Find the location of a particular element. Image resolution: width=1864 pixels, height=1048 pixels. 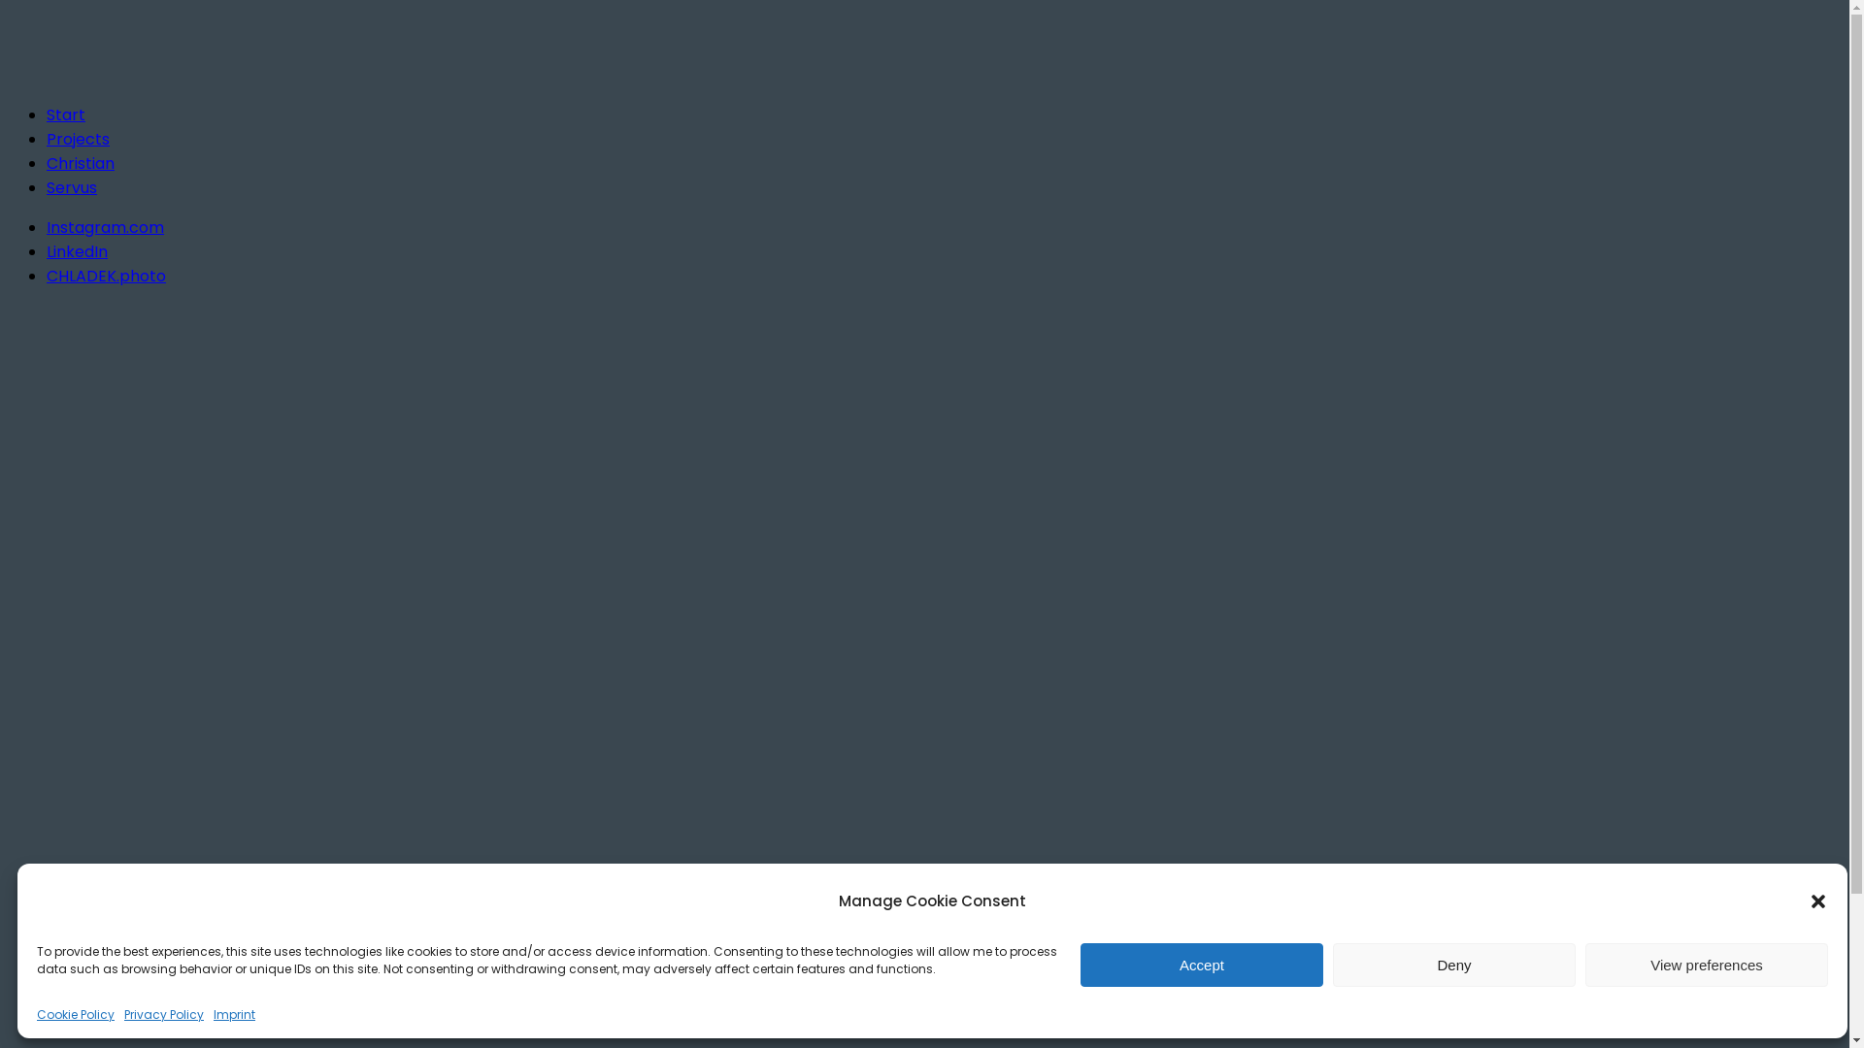

'Privacy Policy' is located at coordinates (163, 1013).